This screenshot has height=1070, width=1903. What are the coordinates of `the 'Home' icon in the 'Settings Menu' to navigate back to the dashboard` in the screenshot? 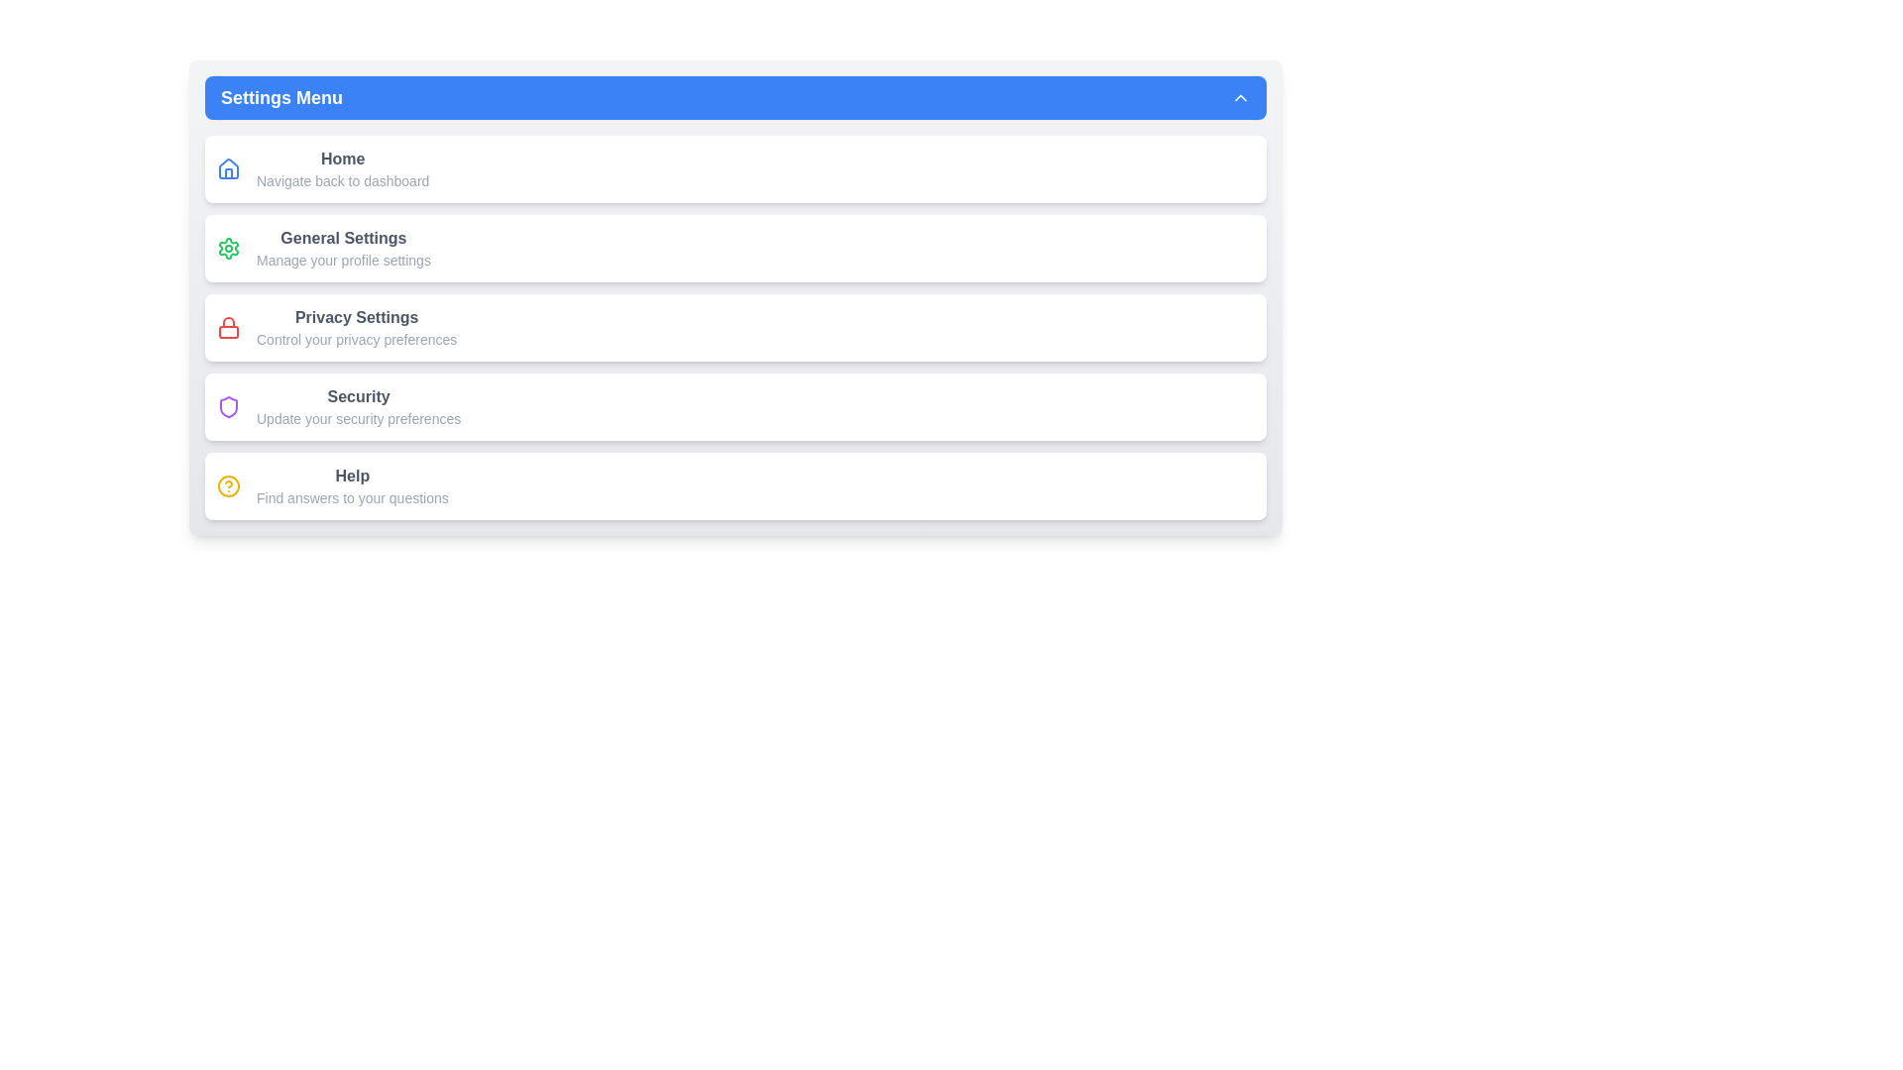 It's located at (228, 166).